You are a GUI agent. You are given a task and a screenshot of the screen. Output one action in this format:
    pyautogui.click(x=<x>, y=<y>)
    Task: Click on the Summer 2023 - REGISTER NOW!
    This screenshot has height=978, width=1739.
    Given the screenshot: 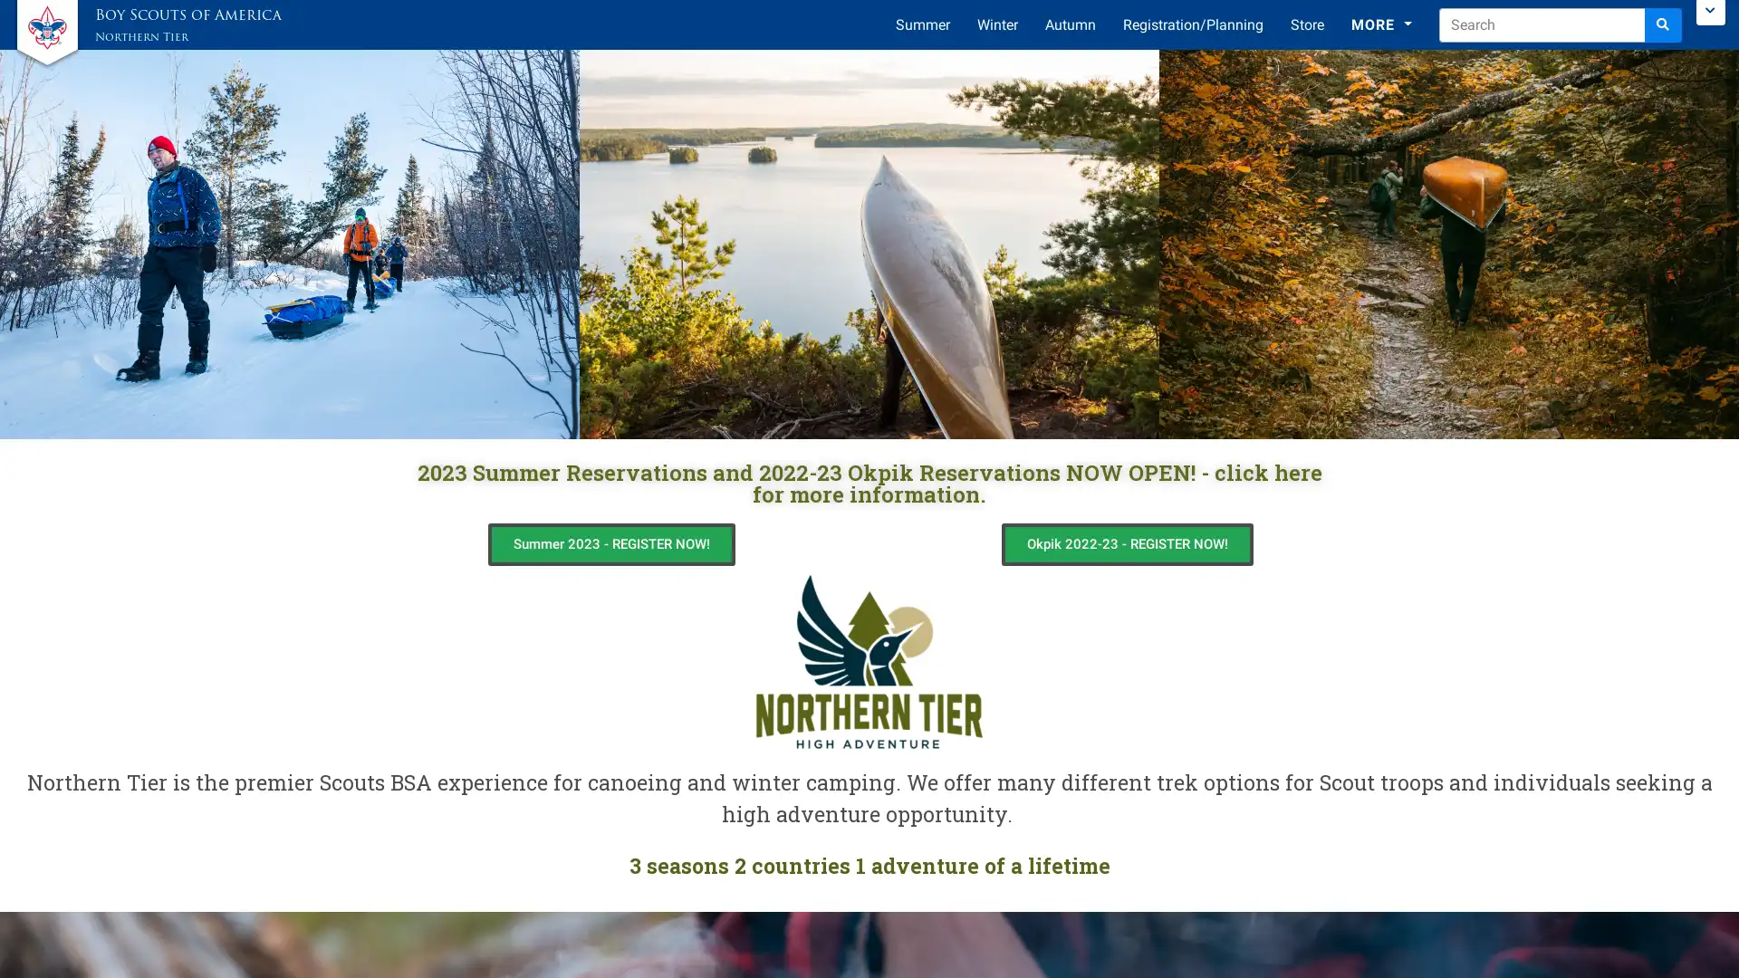 What is the action you would take?
    pyautogui.click(x=610, y=543)
    